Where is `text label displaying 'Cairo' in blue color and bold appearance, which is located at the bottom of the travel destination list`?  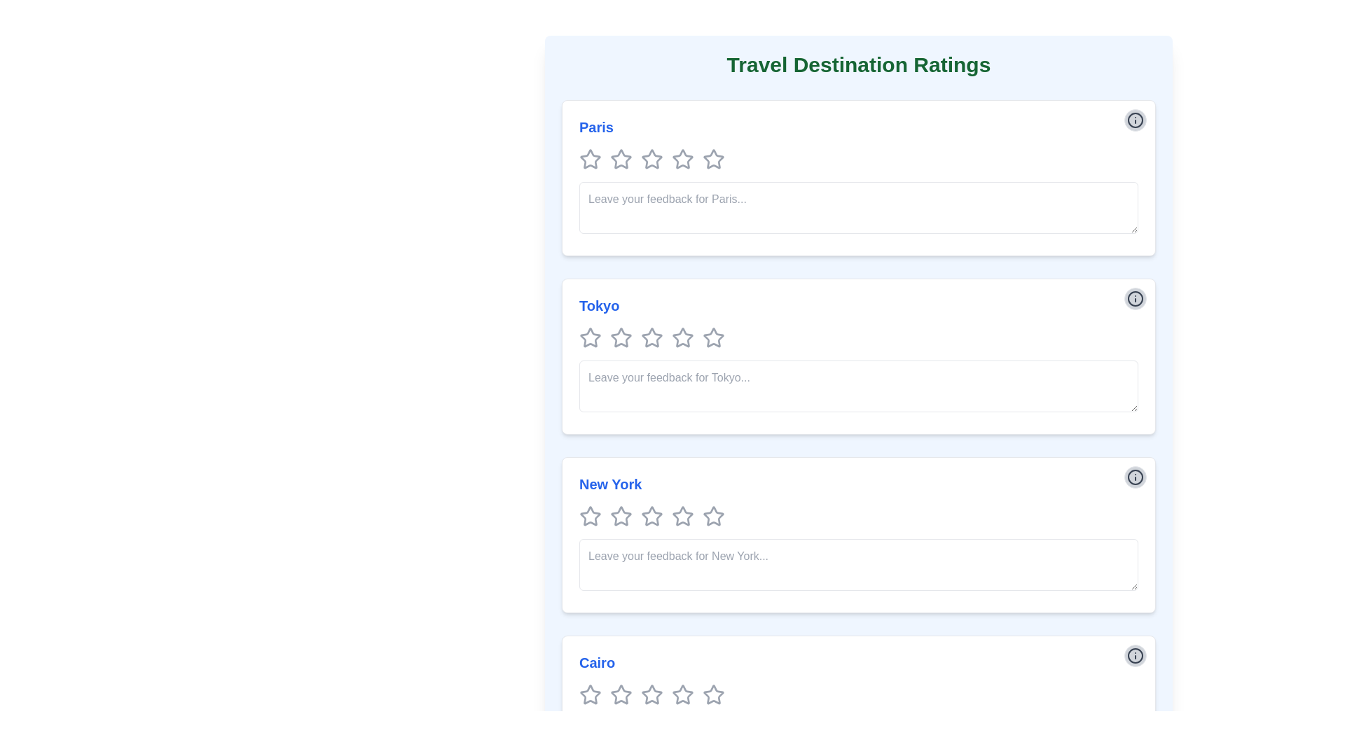 text label displaying 'Cairo' in blue color and bold appearance, which is located at the bottom of the travel destination list is located at coordinates (597, 662).